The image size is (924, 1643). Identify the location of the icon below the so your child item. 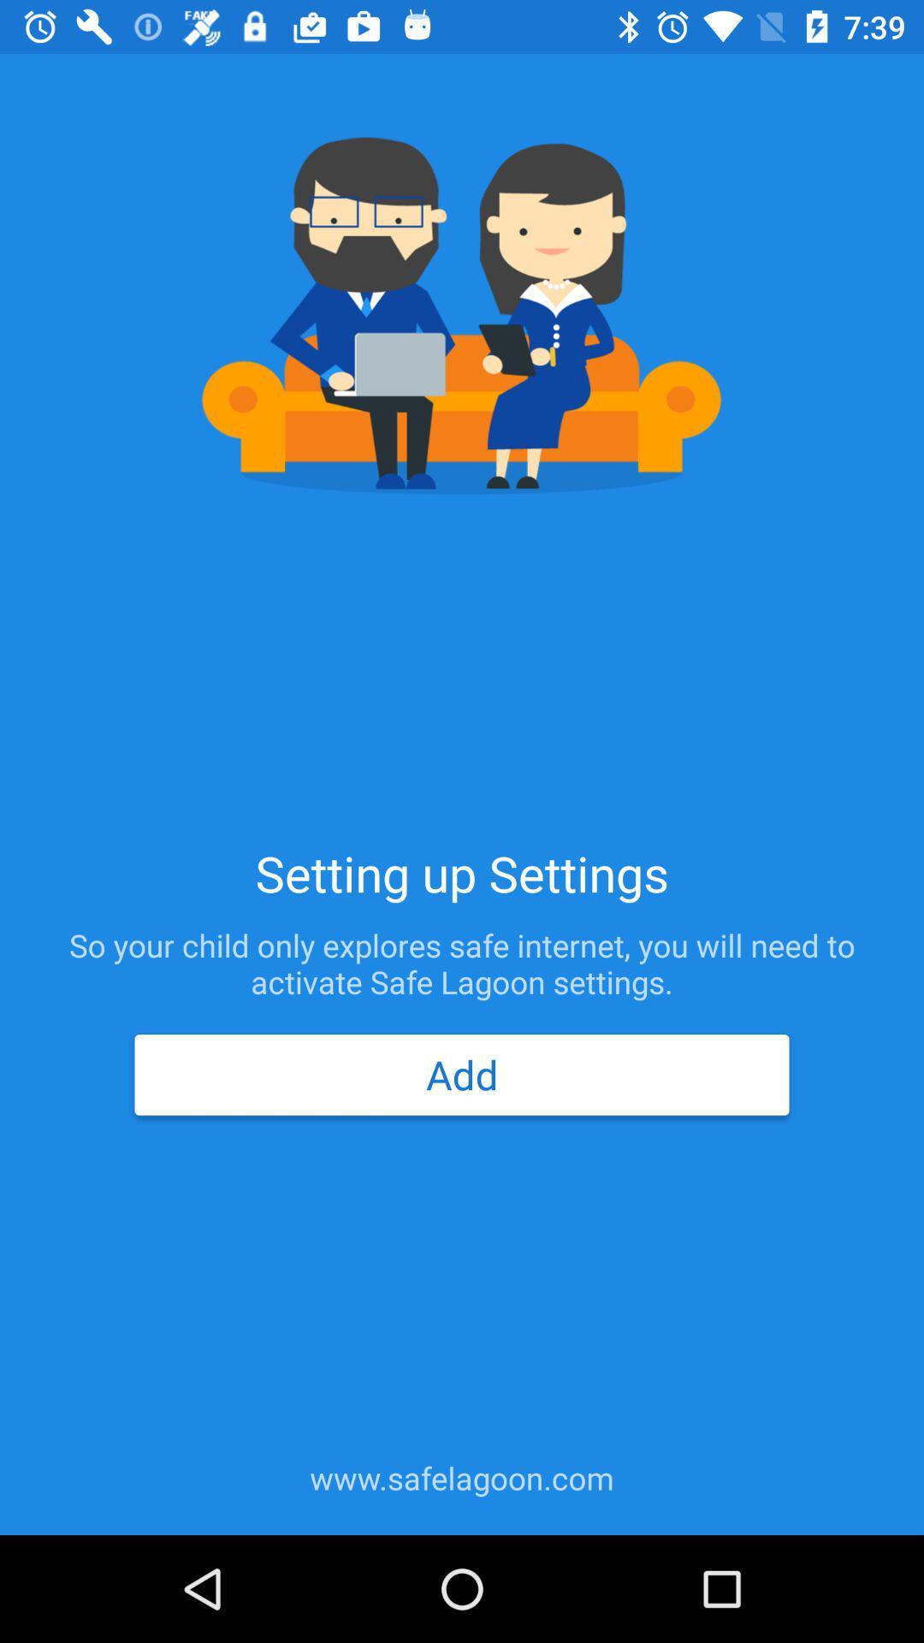
(462, 1074).